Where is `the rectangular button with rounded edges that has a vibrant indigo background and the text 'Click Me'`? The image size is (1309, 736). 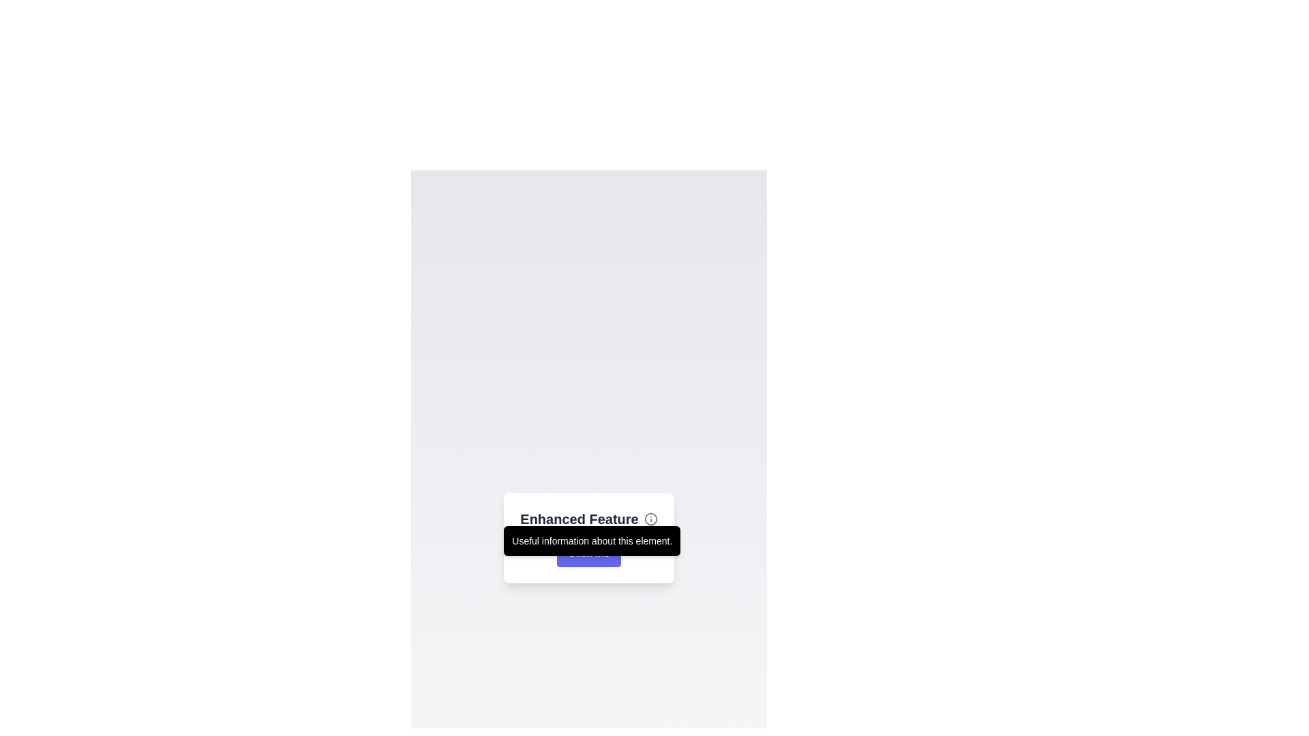
the rectangular button with rounded edges that has a vibrant indigo background and the text 'Click Me' is located at coordinates (589, 553).